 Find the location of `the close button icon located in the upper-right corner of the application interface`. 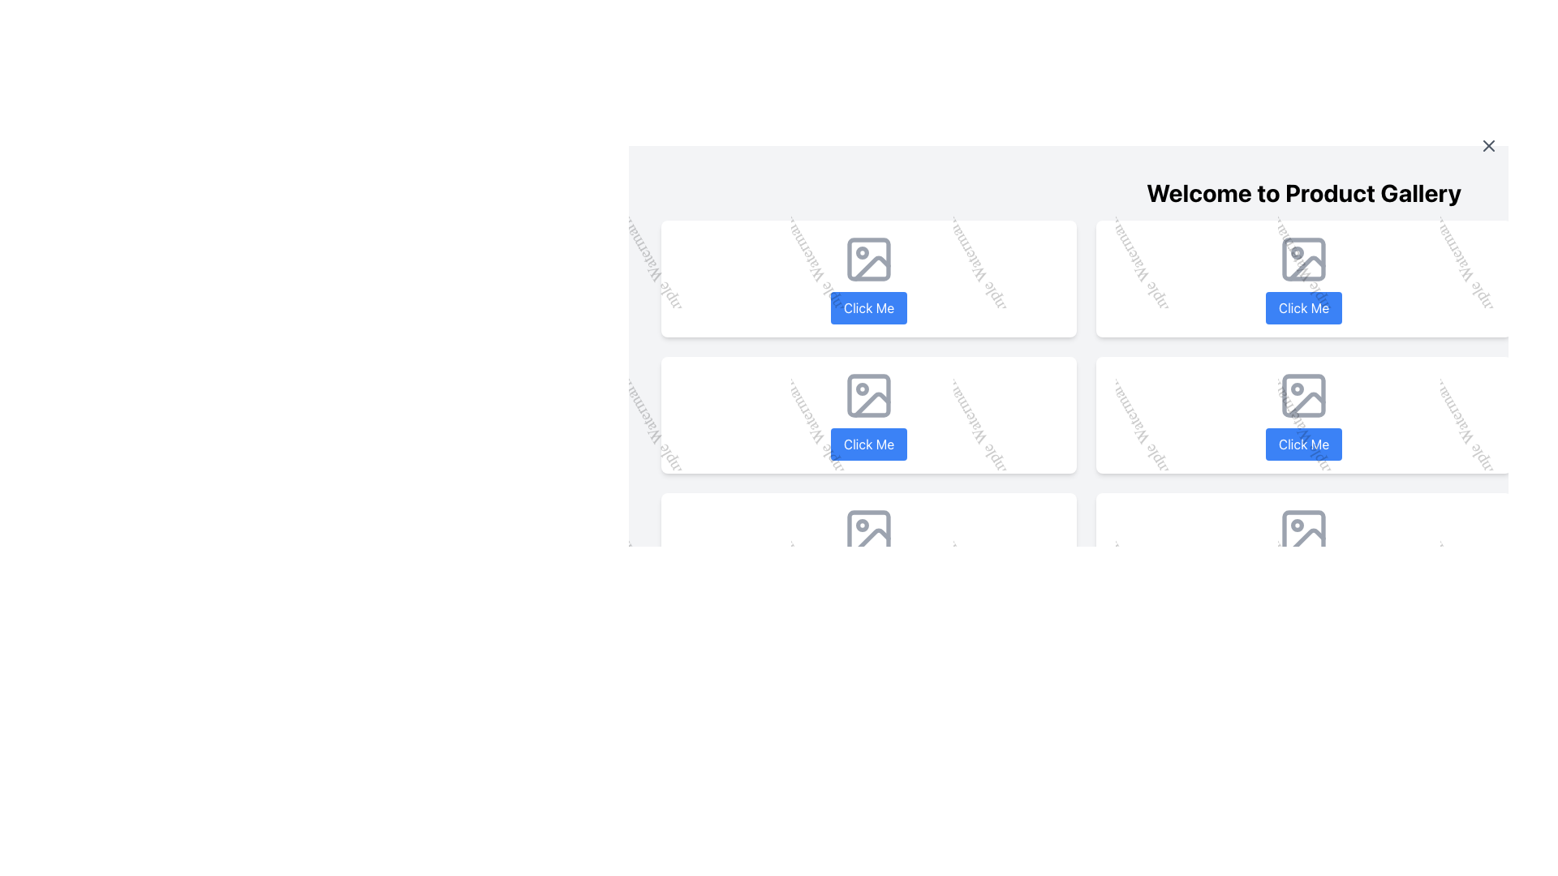

the close button icon located in the upper-right corner of the application interface is located at coordinates (1488, 146).